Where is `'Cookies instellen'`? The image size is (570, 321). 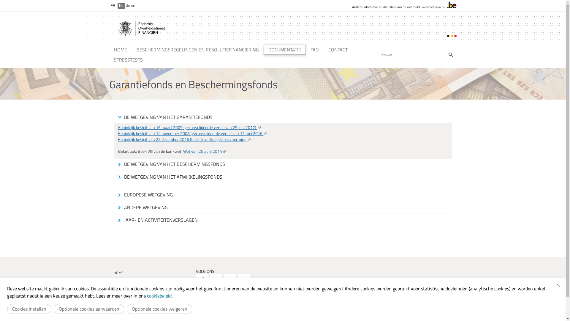 'Cookies instellen' is located at coordinates (29, 309).